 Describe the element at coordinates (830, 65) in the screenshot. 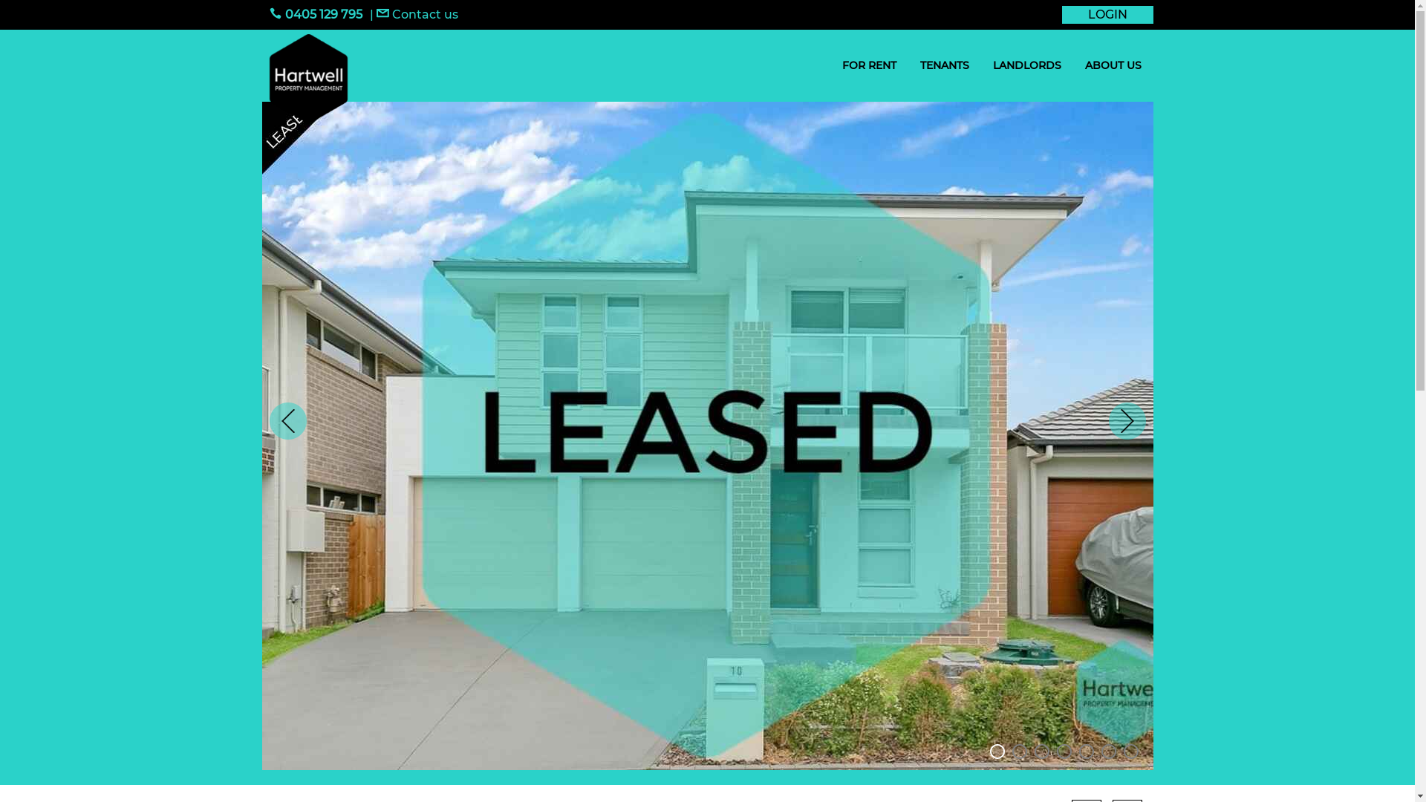

I see `'FOR RENT'` at that location.